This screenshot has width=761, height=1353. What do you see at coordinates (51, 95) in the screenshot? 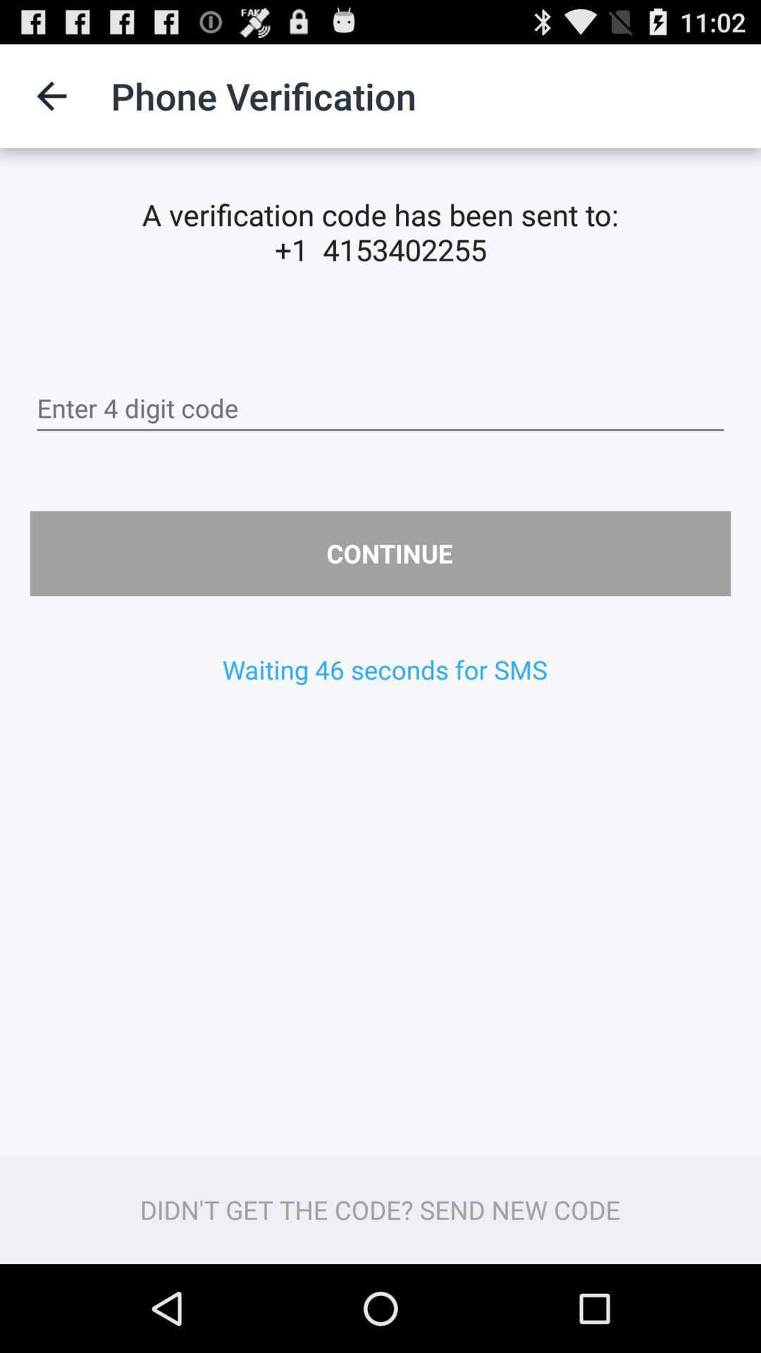
I see `the item next to phone verification` at bounding box center [51, 95].